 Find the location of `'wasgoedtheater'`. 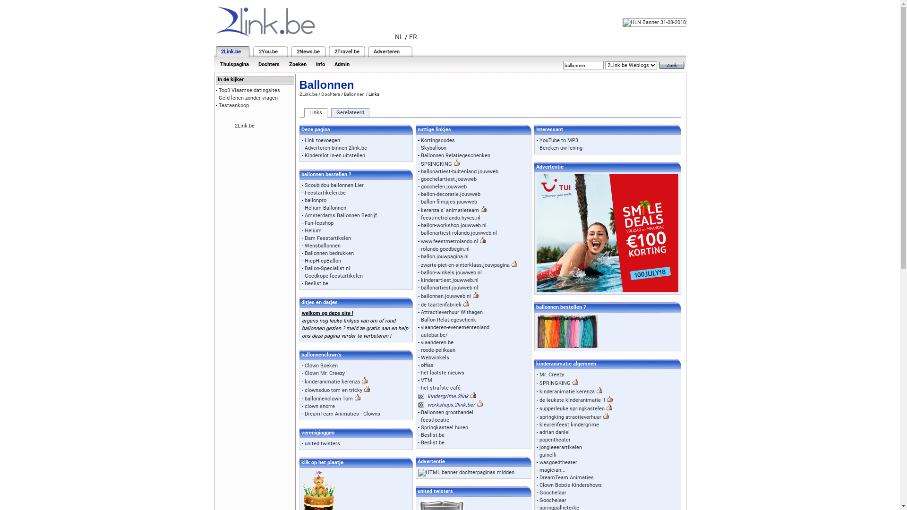

'wasgoedtheater' is located at coordinates (558, 462).